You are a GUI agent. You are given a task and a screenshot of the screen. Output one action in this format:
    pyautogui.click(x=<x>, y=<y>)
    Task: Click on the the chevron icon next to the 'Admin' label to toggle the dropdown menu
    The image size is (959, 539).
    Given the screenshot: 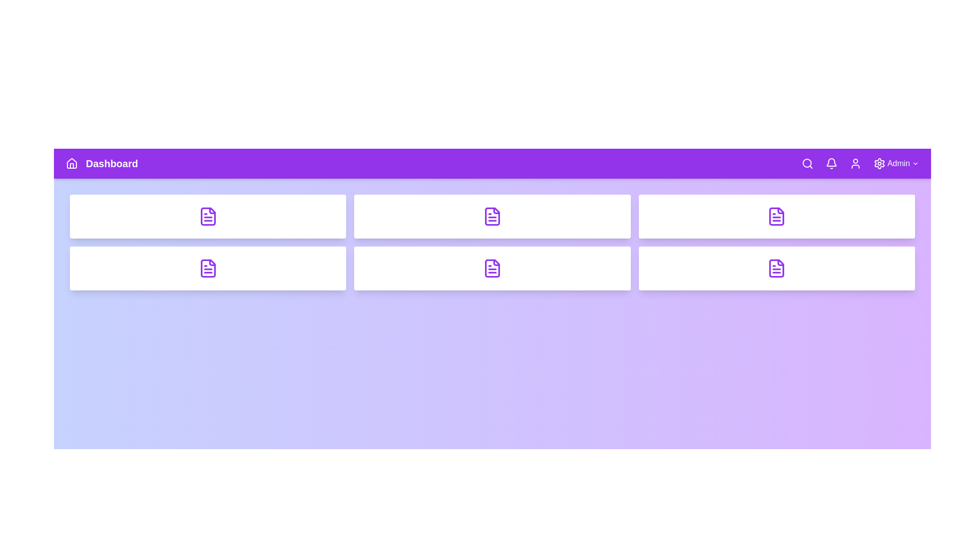 What is the action you would take?
    pyautogui.click(x=916, y=163)
    